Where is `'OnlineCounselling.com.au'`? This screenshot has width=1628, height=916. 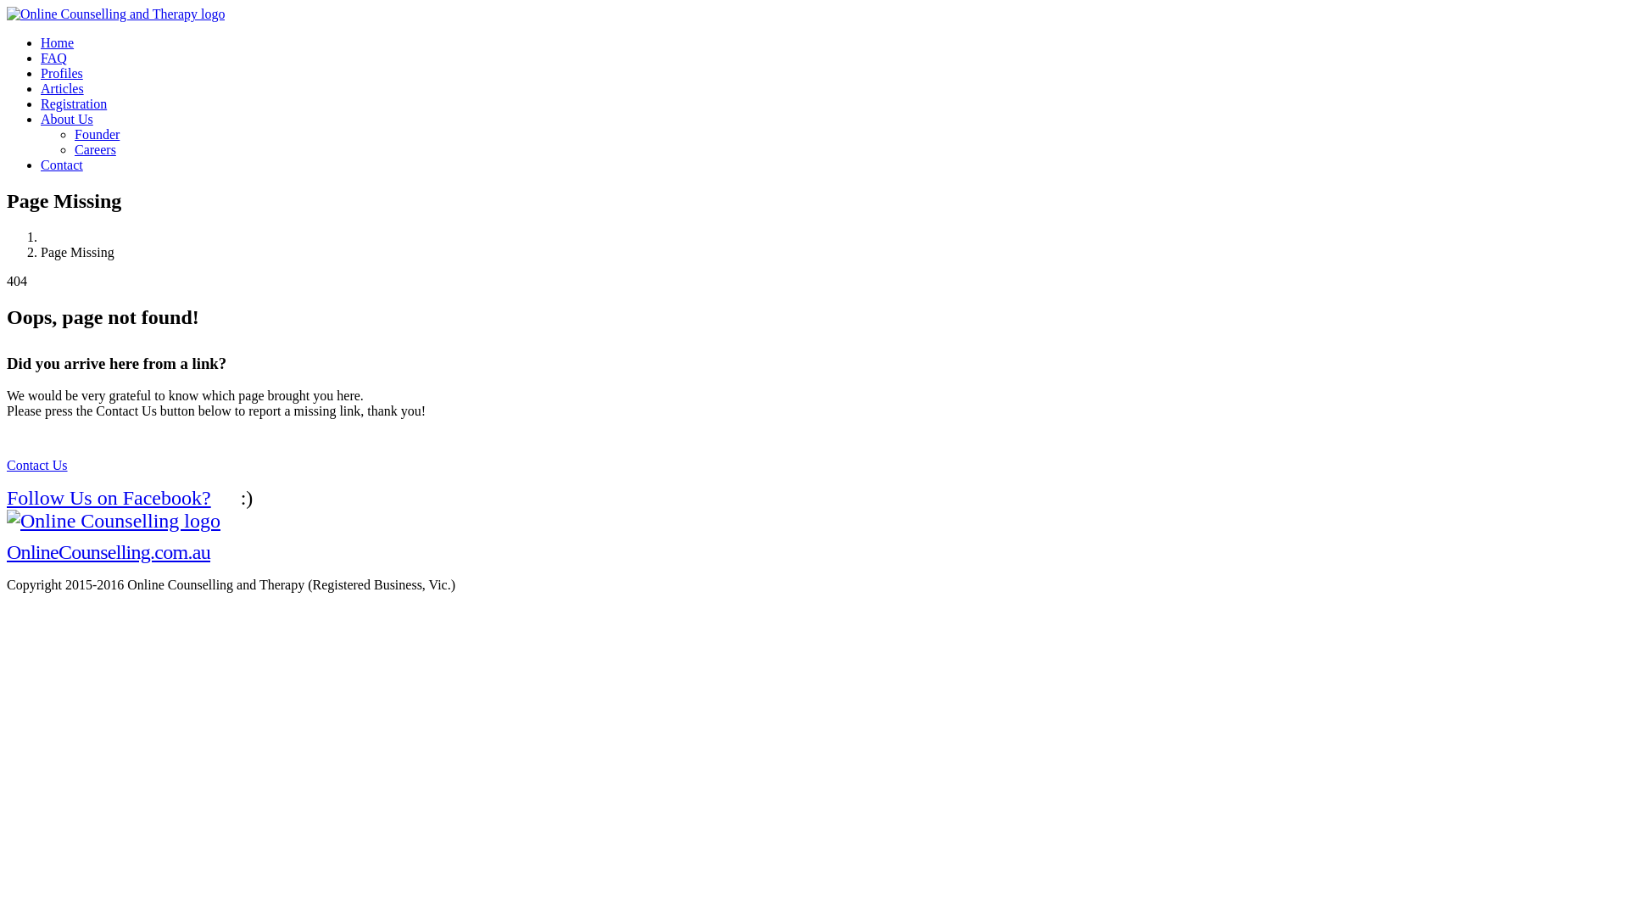 'OnlineCounselling.com.au' is located at coordinates (113, 536).